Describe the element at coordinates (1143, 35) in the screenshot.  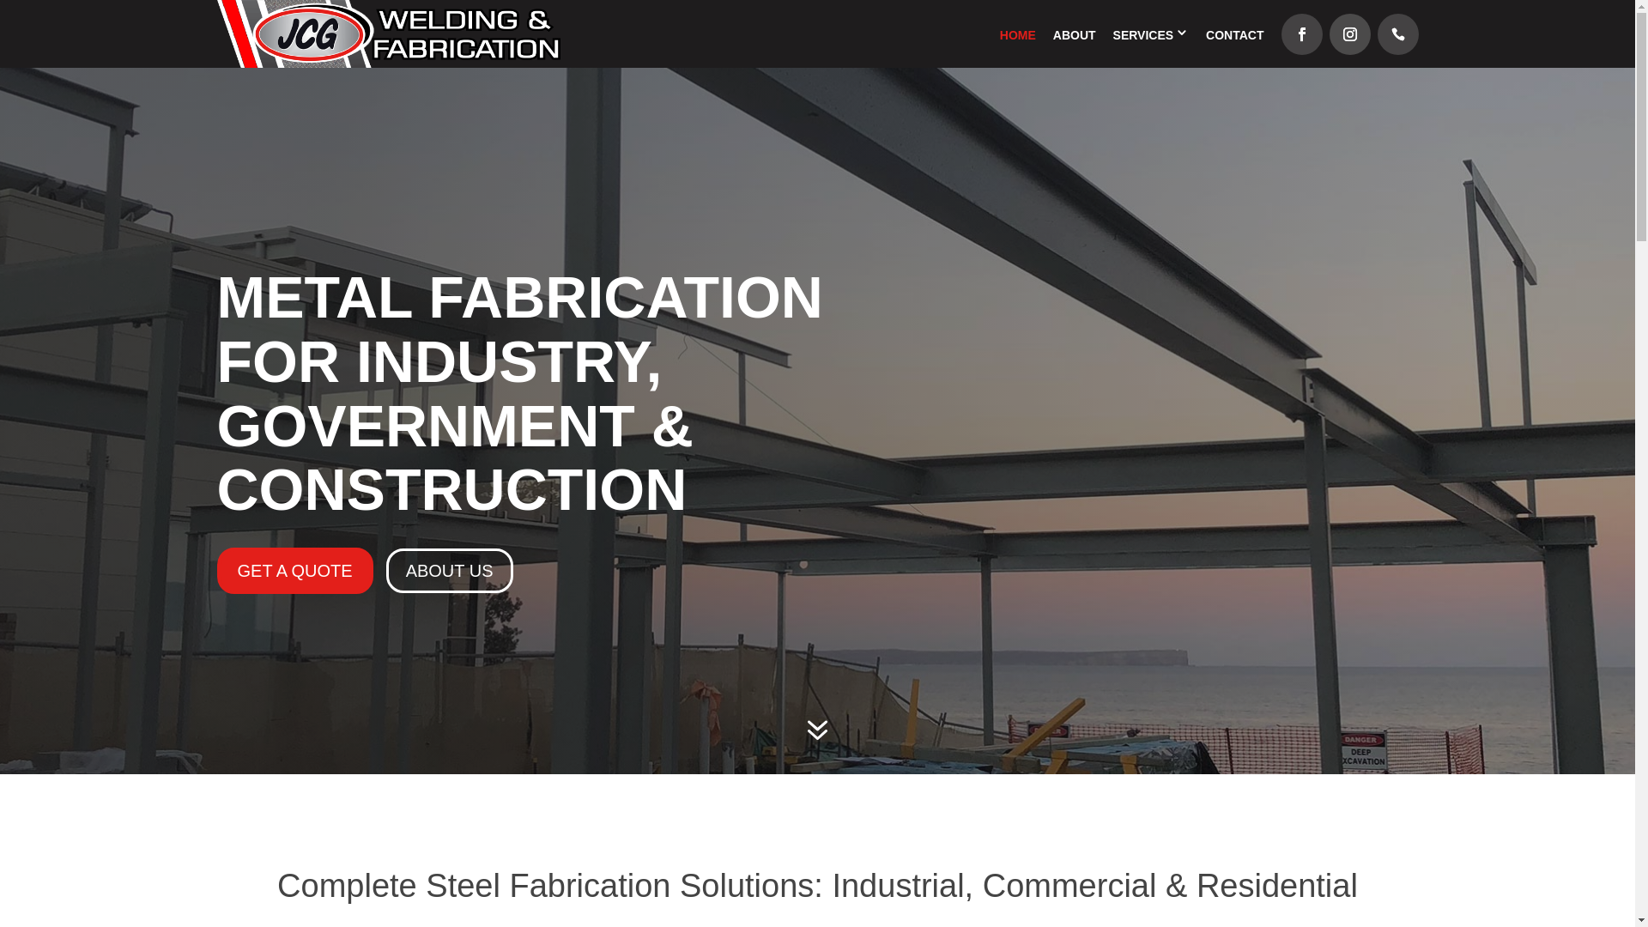
I see `'SERVICES'` at that location.